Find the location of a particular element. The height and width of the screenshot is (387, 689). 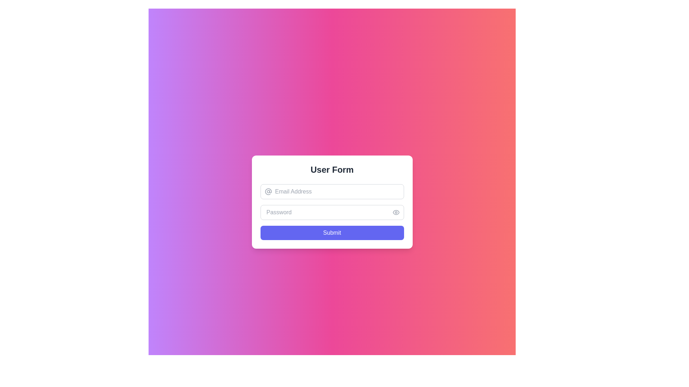

the 'Submit' button, which is a rectangular button with rounded corners, indigo background, and white text, located at the bottom of the input fields in the form layout is located at coordinates (332, 233).